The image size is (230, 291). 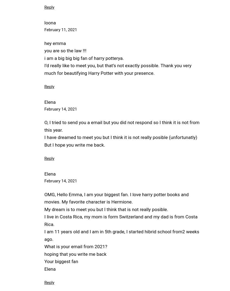 What do you see at coordinates (75, 246) in the screenshot?
I see `'What is your email from 2021?'` at bounding box center [75, 246].